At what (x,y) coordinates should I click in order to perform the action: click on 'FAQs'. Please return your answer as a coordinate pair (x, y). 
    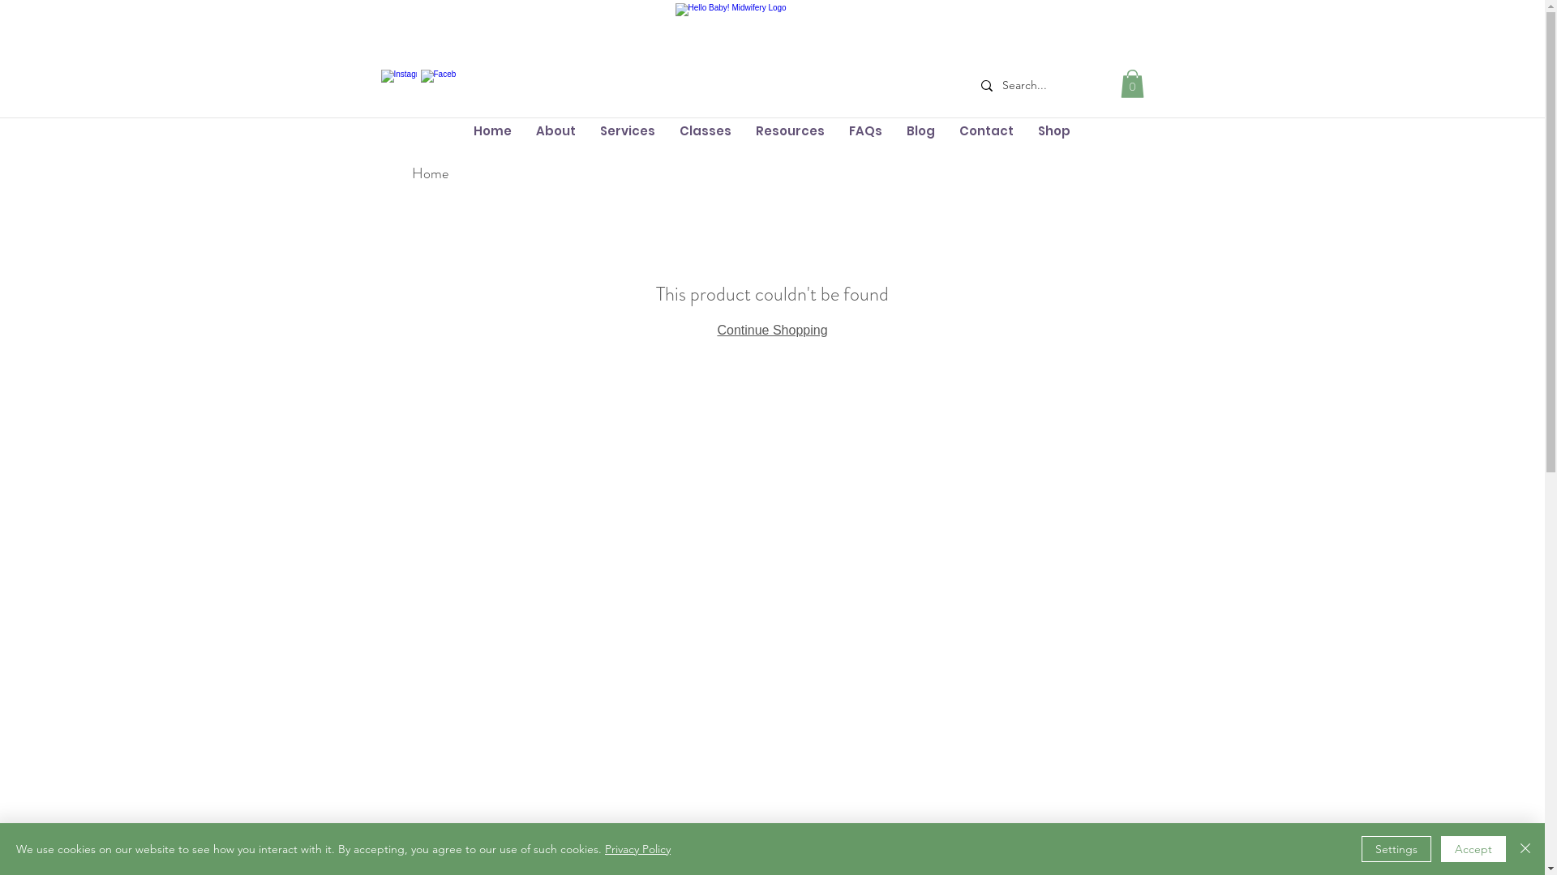
    Looking at the image, I should click on (864, 130).